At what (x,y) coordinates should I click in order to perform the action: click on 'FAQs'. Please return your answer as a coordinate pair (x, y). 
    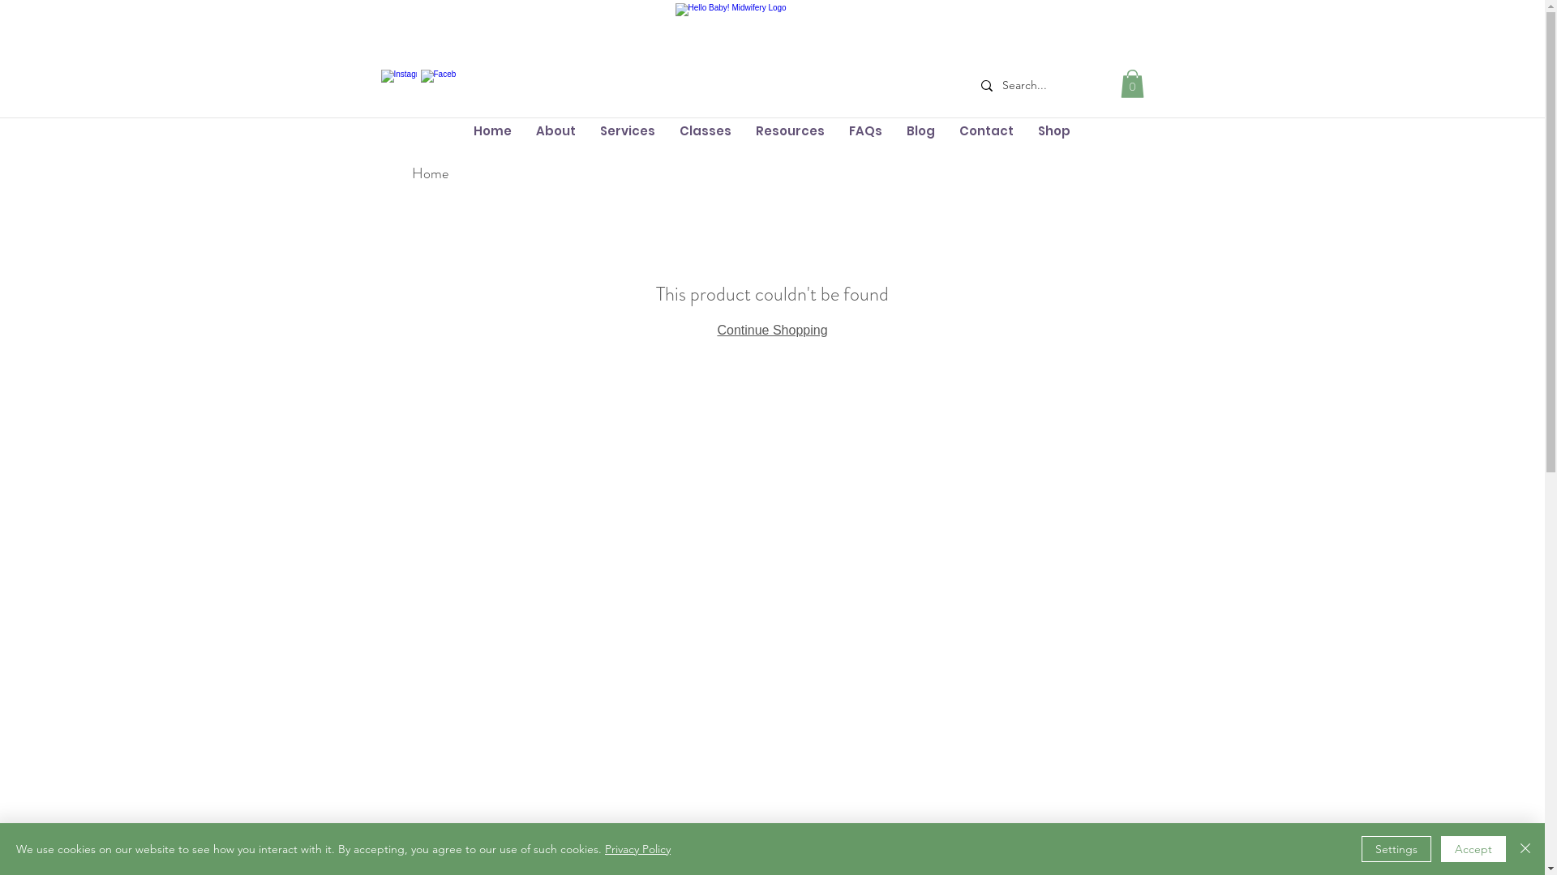
    Looking at the image, I should click on (864, 130).